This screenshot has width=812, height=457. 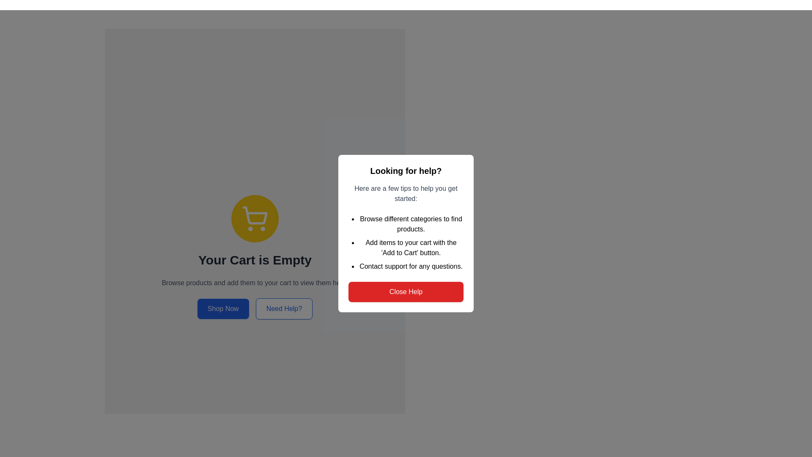 I want to click on the text element saying 'Browse different categories to find products.' which is the first item in an unordered list within the help dialogue box, so click(x=411, y=223).